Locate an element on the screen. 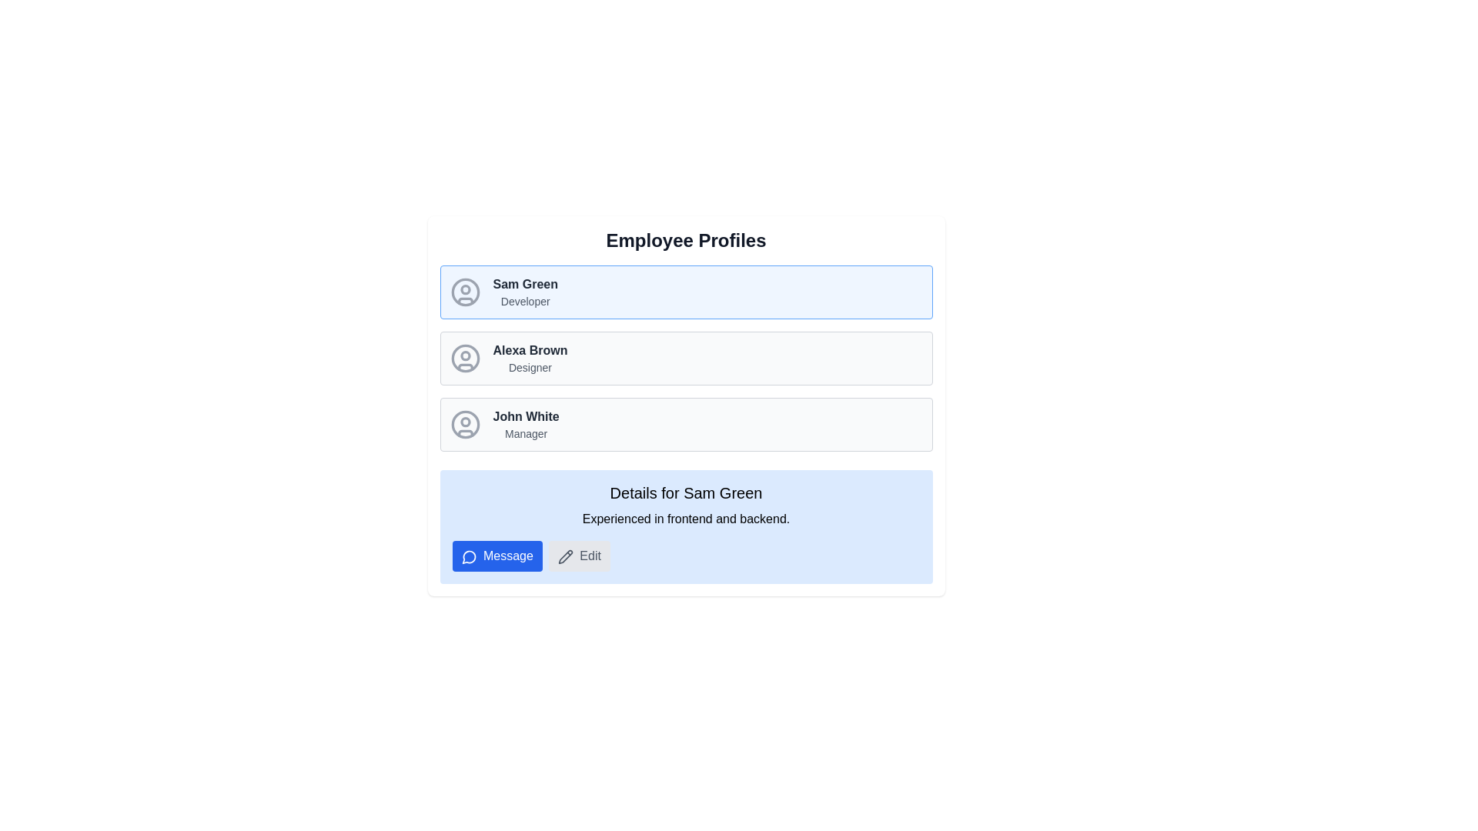 The height and width of the screenshot is (831, 1478). the user profile icon representing 'Sam Green, Developer', which is a minimalistic gray circular outline with a head and shoulders design, located in the profile block at the top of the employee list is located at coordinates (464, 292).